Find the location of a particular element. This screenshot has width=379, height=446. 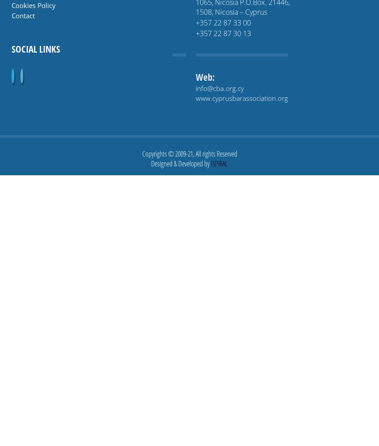

'info@cba.org.cy' is located at coordinates (195, 88).